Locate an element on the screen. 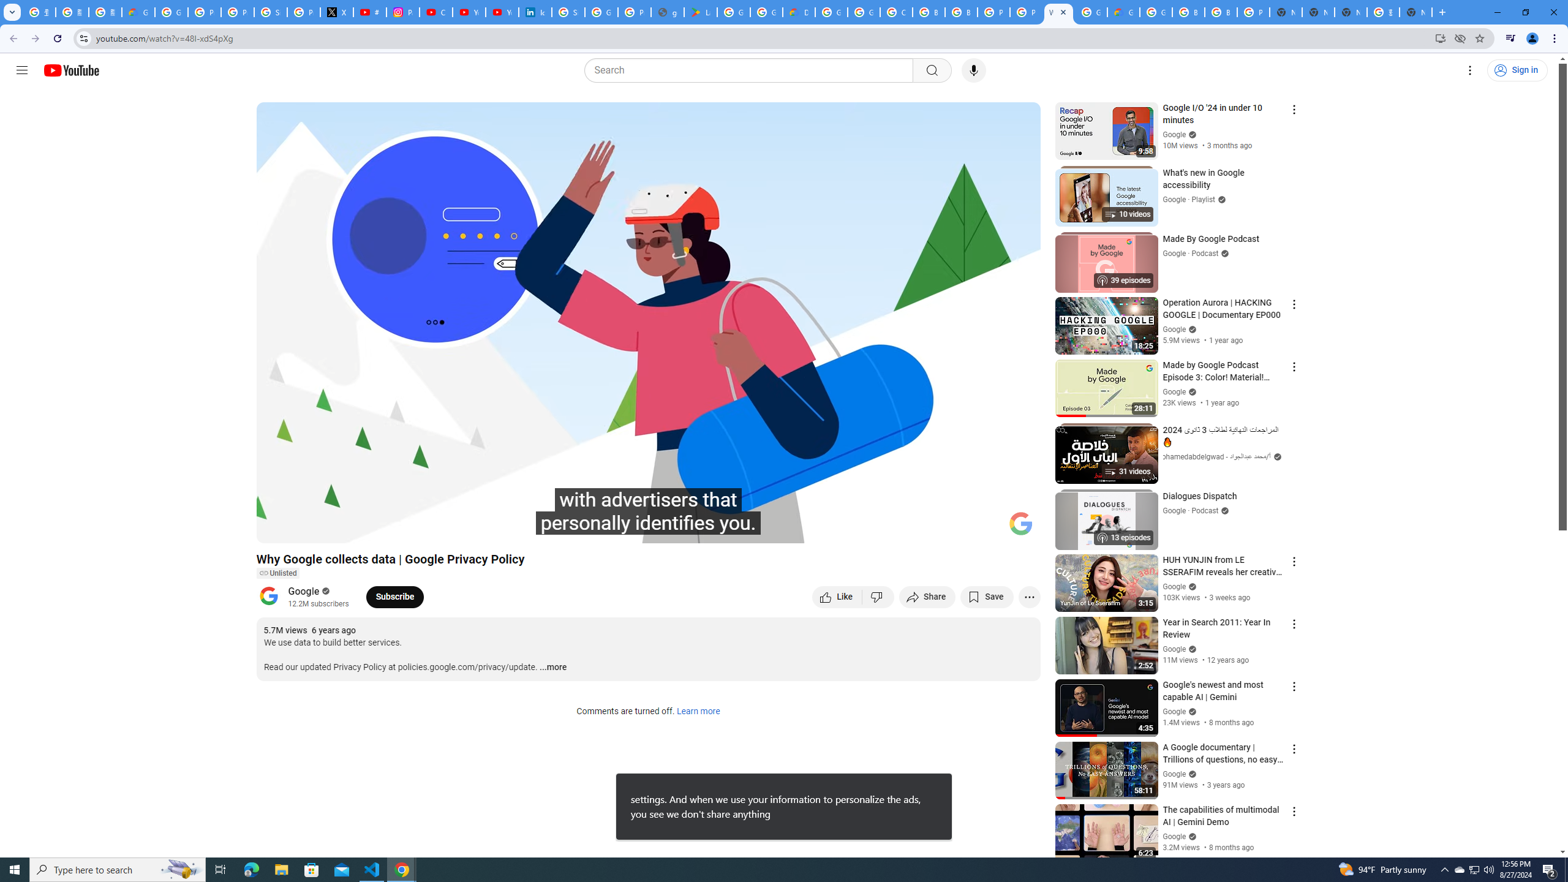  'X' is located at coordinates (337, 12).